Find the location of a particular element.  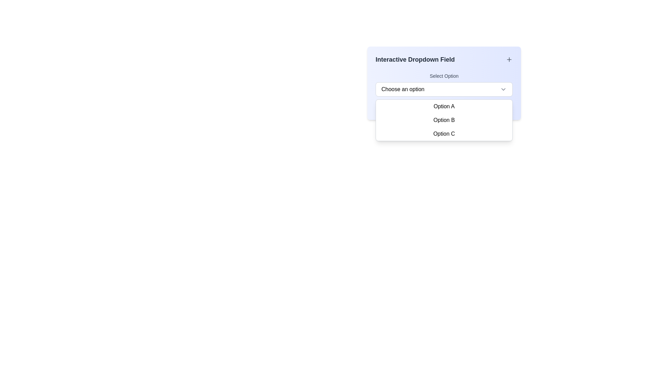

the first selectable option in the dropdown menu is located at coordinates (444, 107).